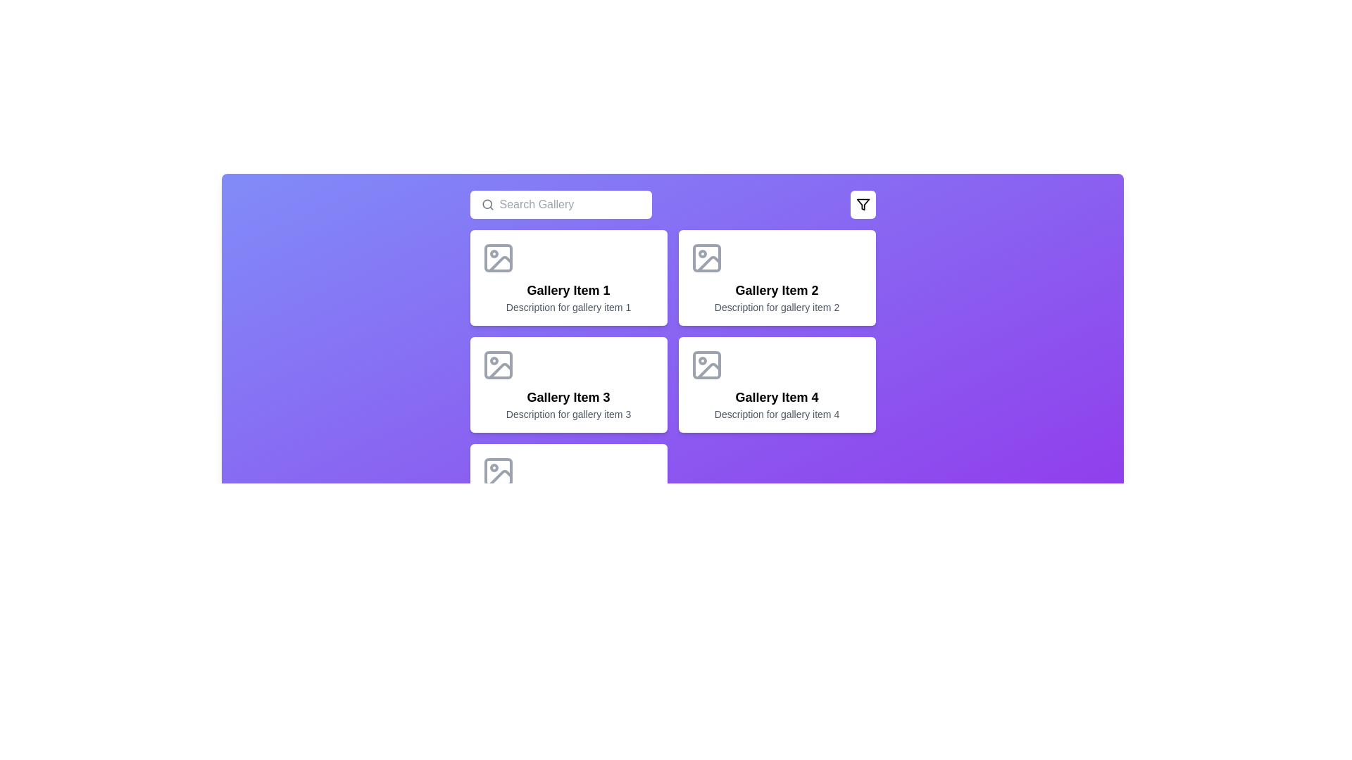  I want to click on the decorative circular vector graphic located near the top-left of the interface within the search field component, so click(487, 204).